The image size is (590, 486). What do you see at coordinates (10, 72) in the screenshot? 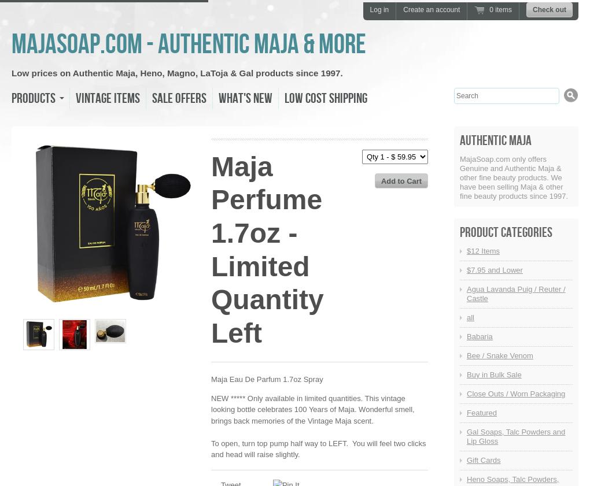
I see `'Low prices on Authentic Maja, Heno, Magno, LaToja & Gal products since 1997.'` at bounding box center [10, 72].